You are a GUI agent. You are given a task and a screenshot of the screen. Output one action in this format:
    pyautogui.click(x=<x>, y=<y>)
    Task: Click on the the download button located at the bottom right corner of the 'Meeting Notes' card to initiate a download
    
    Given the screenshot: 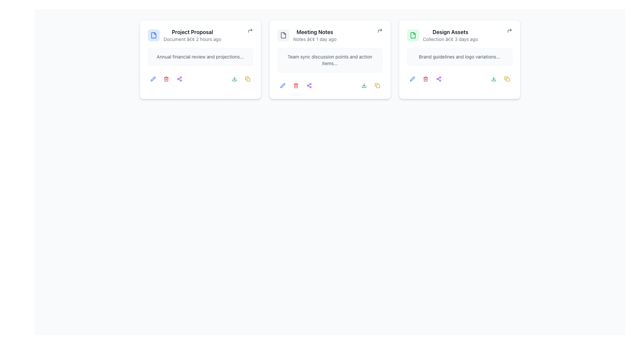 What is the action you would take?
    pyautogui.click(x=363, y=85)
    